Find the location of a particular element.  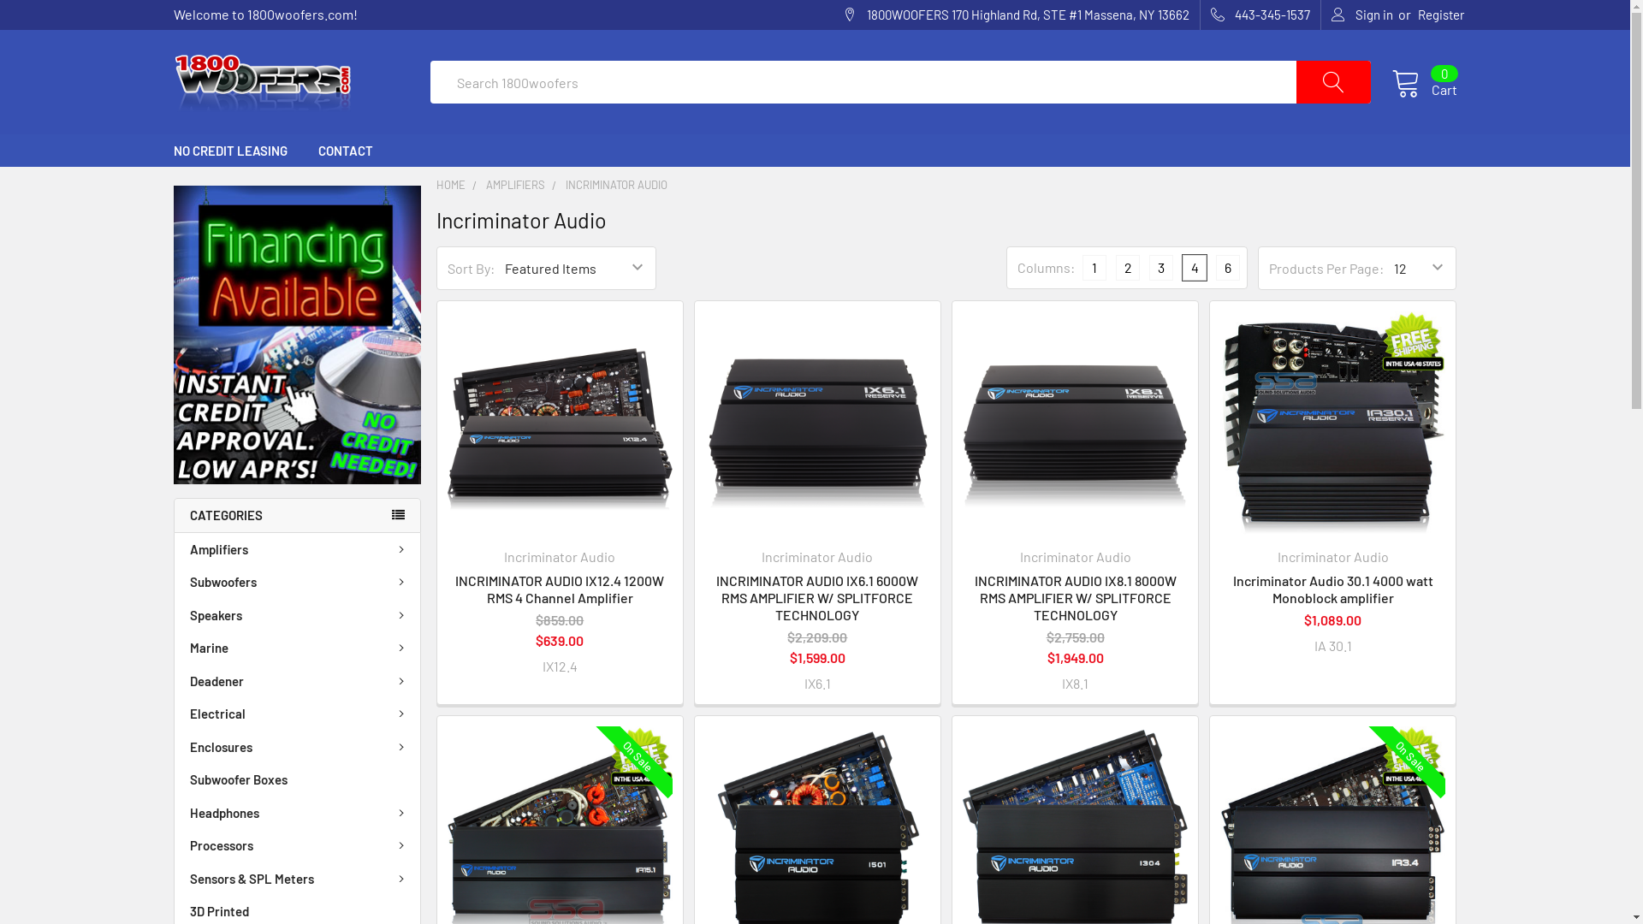

'AMPLIFIERS' is located at coordinates (514, 185).